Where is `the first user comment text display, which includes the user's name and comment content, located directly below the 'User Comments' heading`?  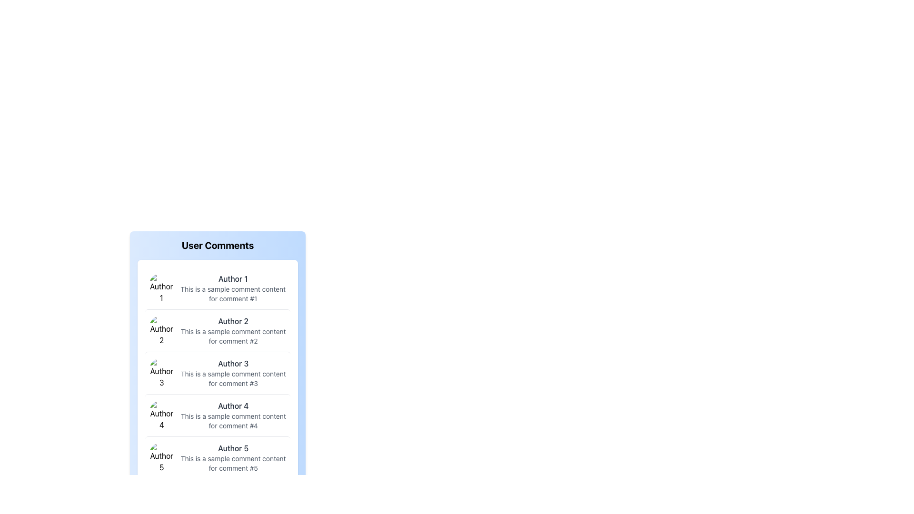
the first user comment text display, which includes the user's name and comment content, located directly below the 'User Comments' heading is located at coordinates (233, 287).